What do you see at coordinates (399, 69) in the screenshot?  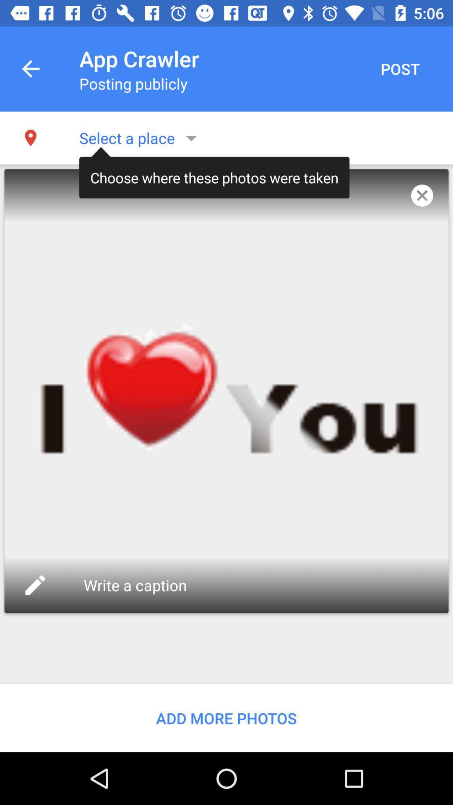 I see `the icon next to the app crawler item` at bounding box center [399, 69].